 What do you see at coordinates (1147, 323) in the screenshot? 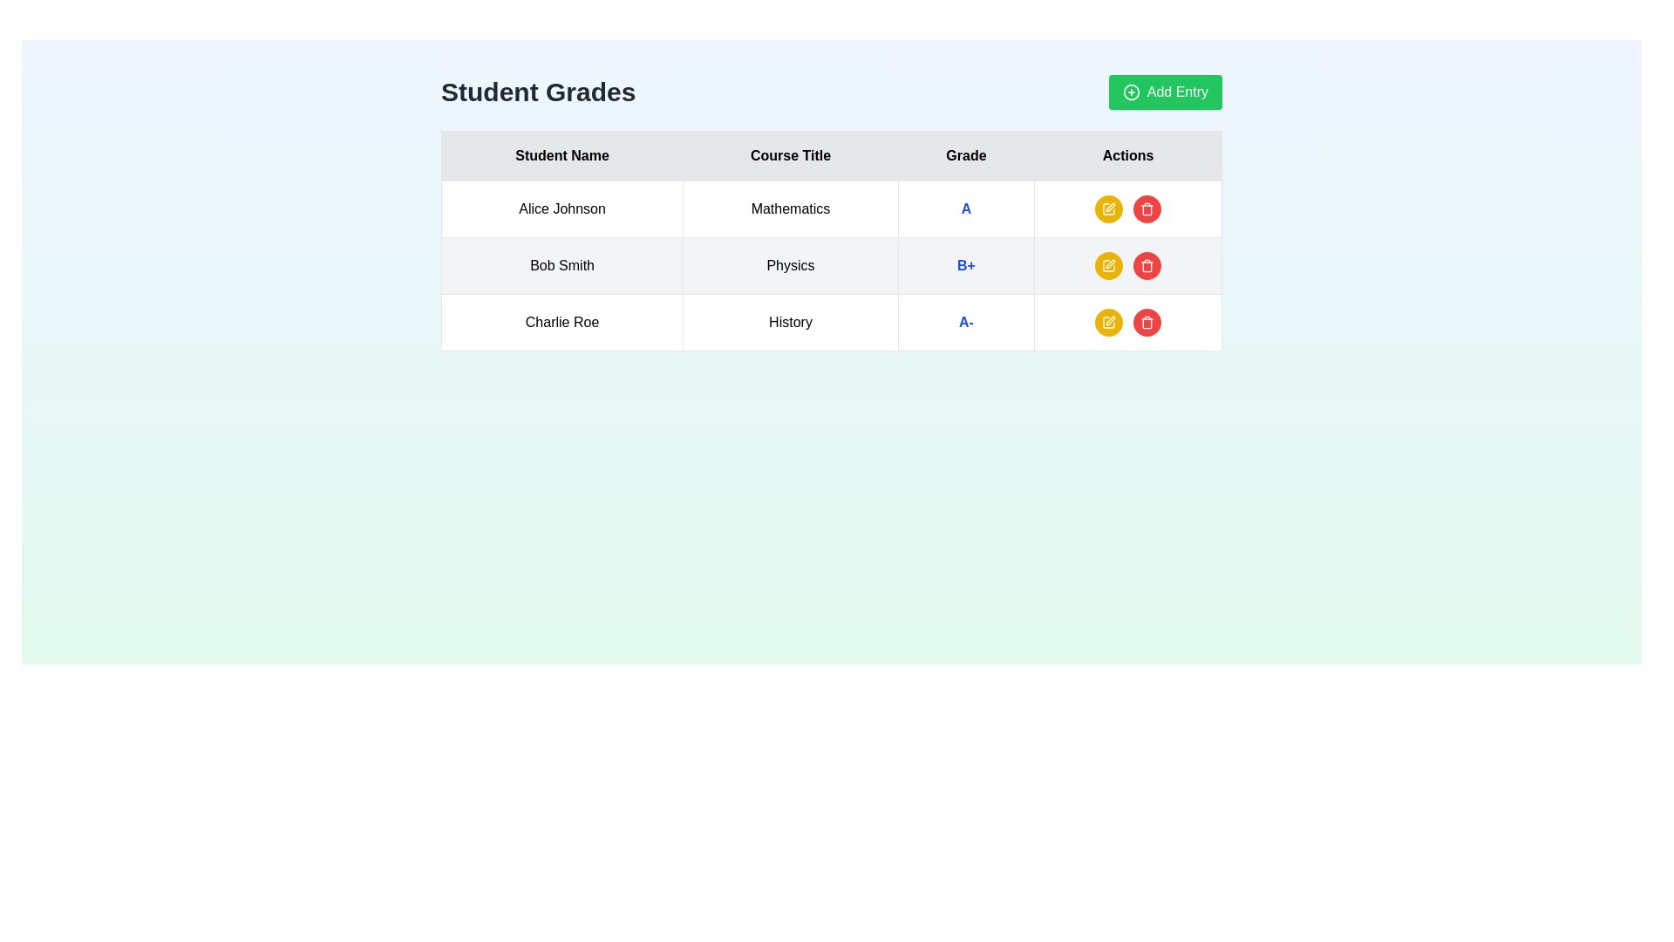
I see `the trash/delete button located in the 'Actions' column of the table to initiate deletion of the 'Charlie Roe' entry` at bounding box center [1147, 323].